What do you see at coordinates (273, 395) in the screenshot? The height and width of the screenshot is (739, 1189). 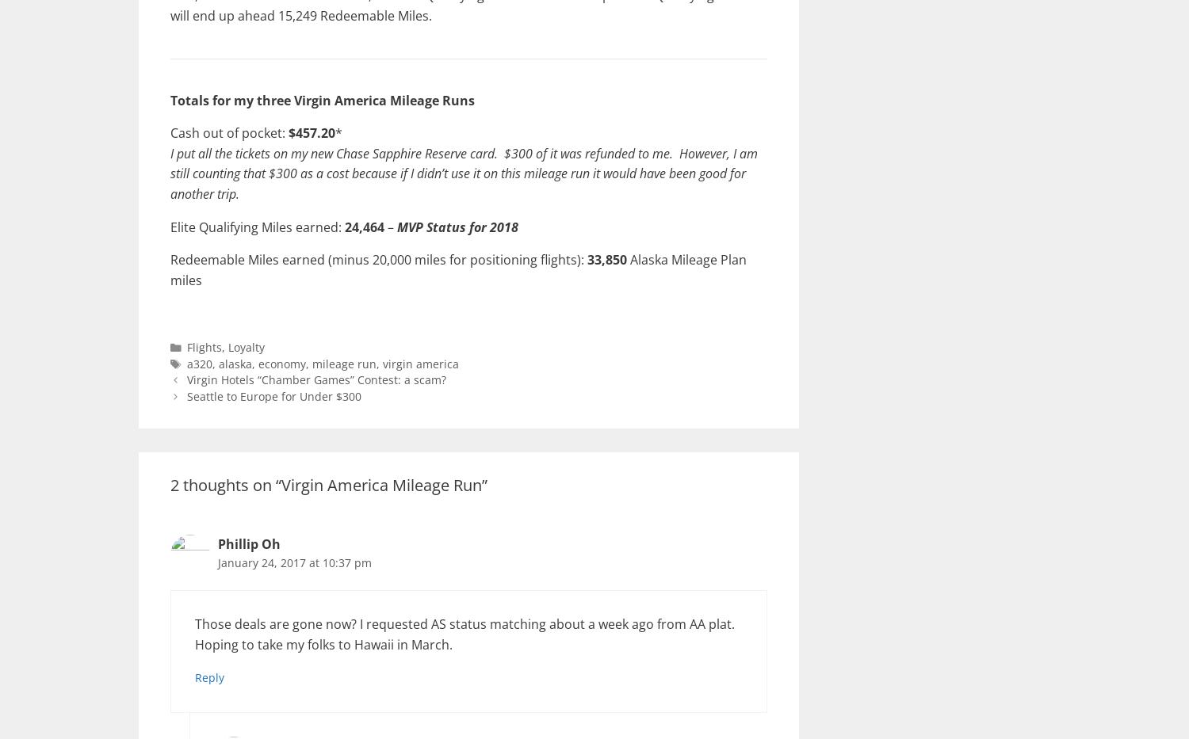 I see `'Seattle to Europe for Under $300'` at bounding box center [273, 395].